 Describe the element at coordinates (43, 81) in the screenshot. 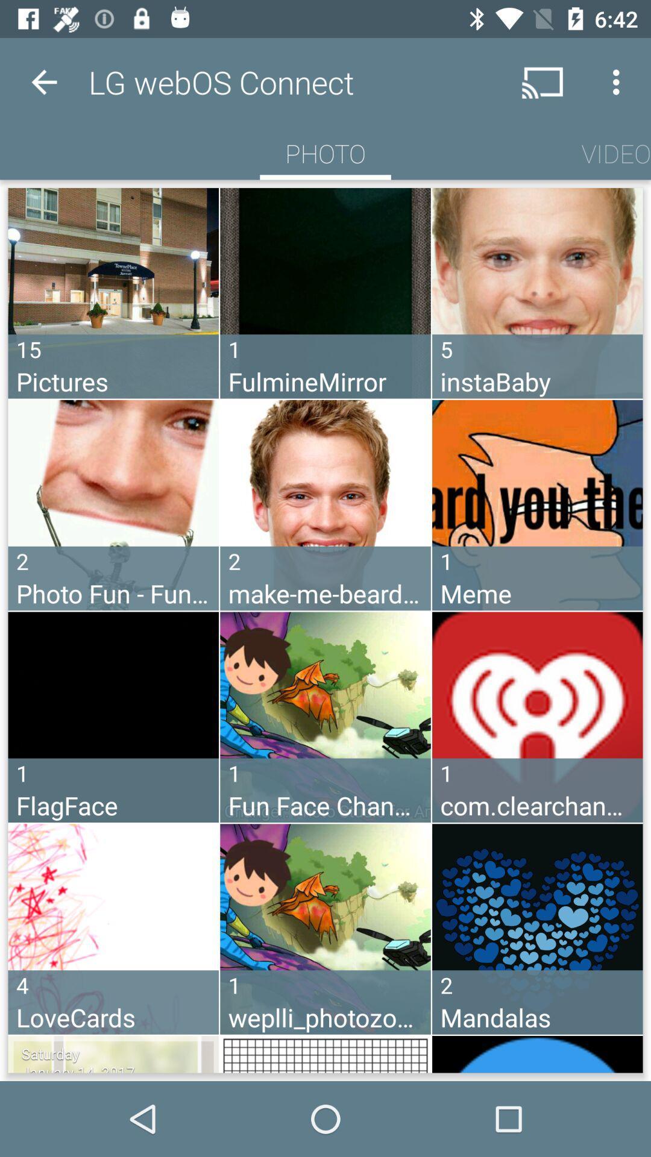

I see `the icon next to the lg webos connect item` at that location.